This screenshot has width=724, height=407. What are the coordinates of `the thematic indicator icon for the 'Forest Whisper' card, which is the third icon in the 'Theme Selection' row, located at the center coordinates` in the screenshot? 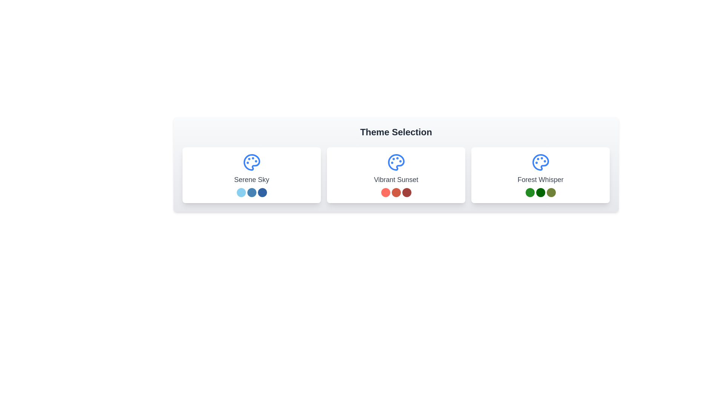 It's located at (540, 162).